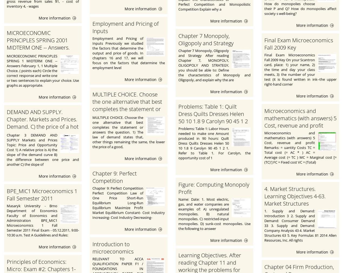 Image resolution: width=346 pixels, height=273 pixels. Describe the element at coordinates (42, 70) in the screenshot. I see `'MICROECONOMIC PRINCIPLES SPRING 1 MIDTERM ONE -- Answers February 1, 1 Multiple Choice. ( points each) Circle the correct response and write one or two sentences to explain your choice. Use graphs as appropriate.'` at that location.